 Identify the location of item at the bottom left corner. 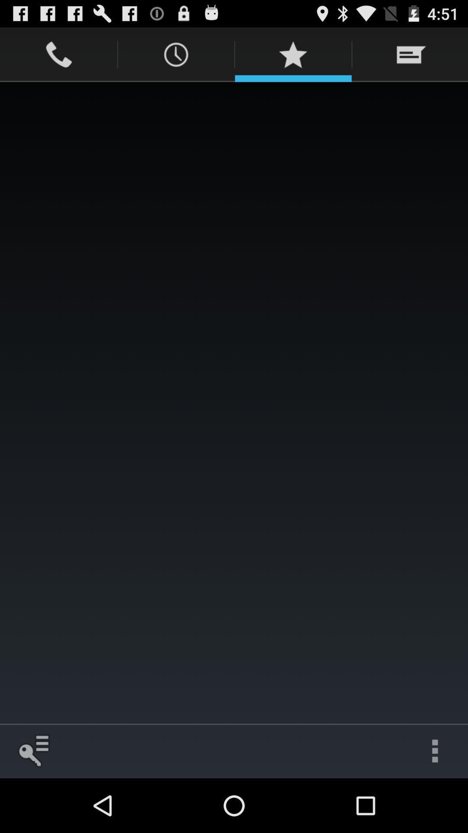
(32, 751).